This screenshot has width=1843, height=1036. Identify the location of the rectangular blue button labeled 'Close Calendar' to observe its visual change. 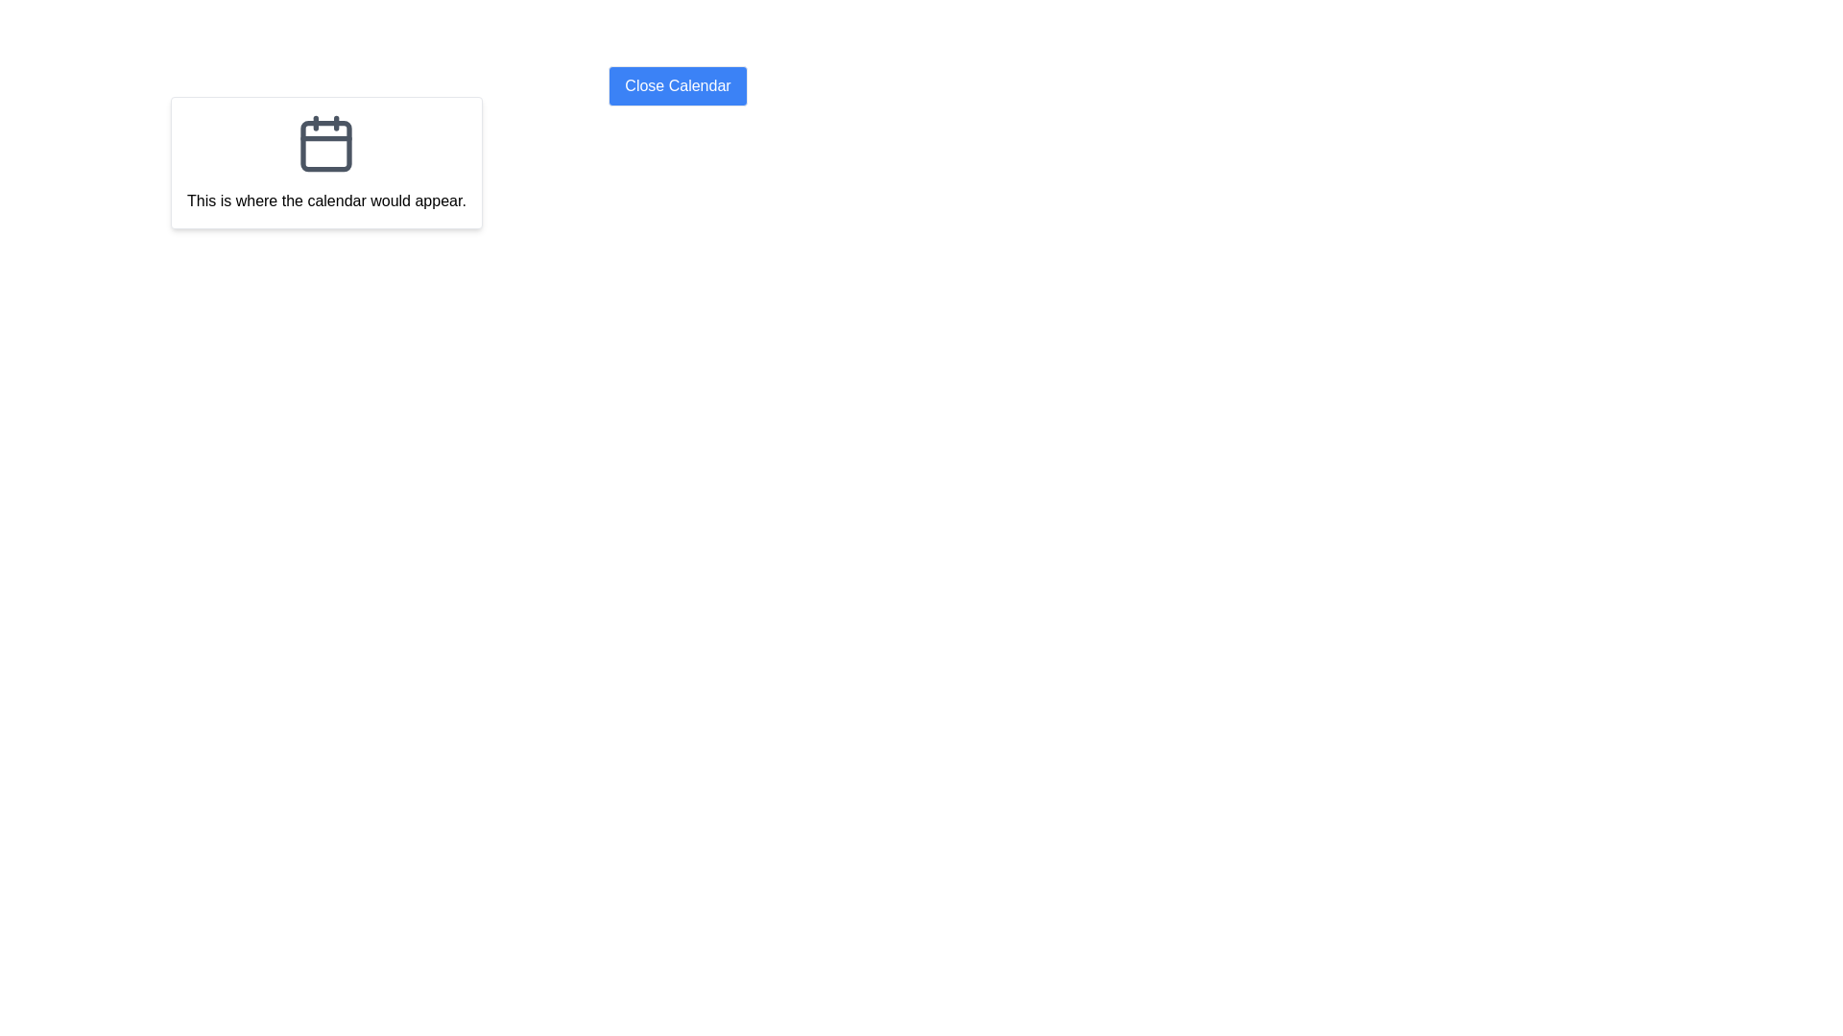
(678, 84).